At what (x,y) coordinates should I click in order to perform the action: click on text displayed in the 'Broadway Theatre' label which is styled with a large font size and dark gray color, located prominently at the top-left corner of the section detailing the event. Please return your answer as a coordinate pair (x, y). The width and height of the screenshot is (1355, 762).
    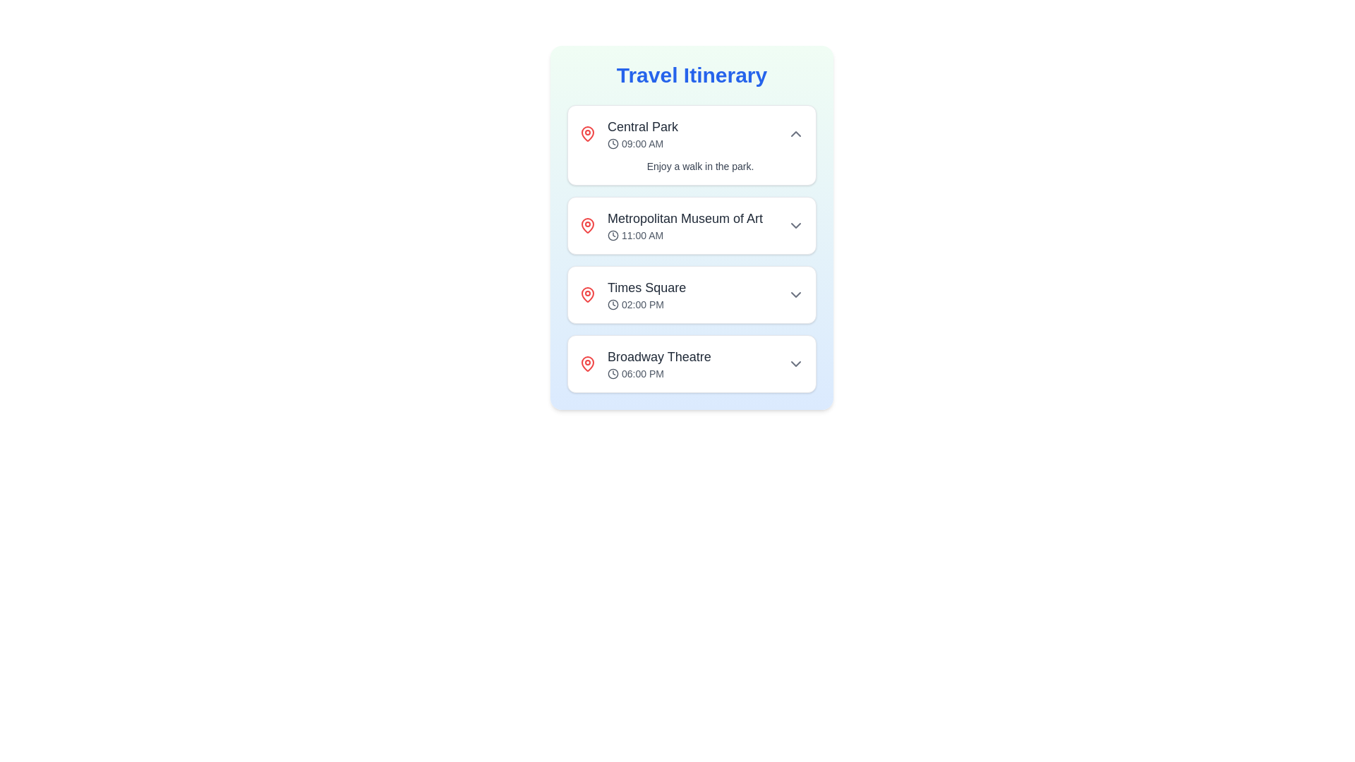
    Looking at the image, I should click on (658, 356).